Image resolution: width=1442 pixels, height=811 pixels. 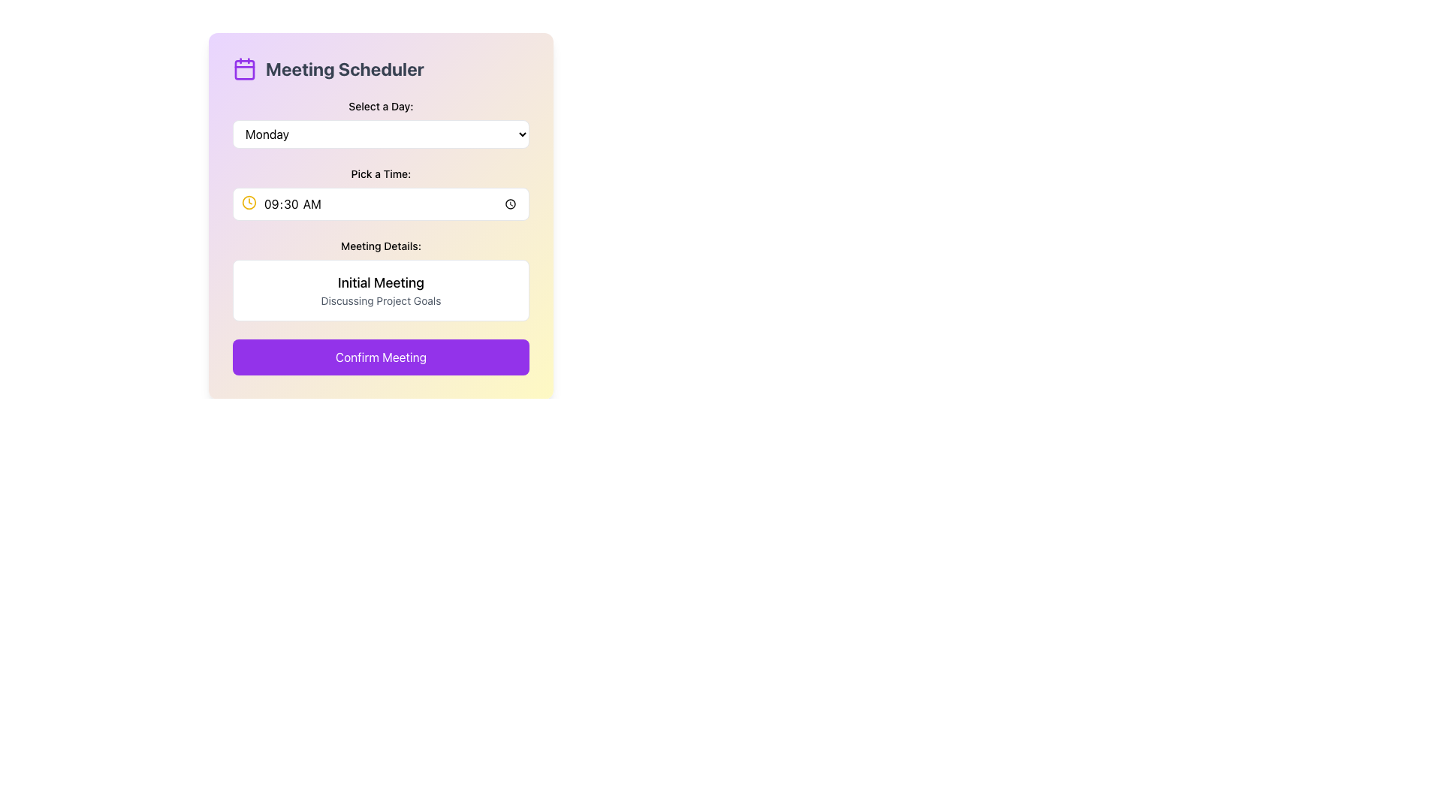 I want to click on text component displaying 'Discussing Project Goals' located beneath the header 'Initial Meeting' in the 'Meeting Details' section, so click(x=381, y=301).